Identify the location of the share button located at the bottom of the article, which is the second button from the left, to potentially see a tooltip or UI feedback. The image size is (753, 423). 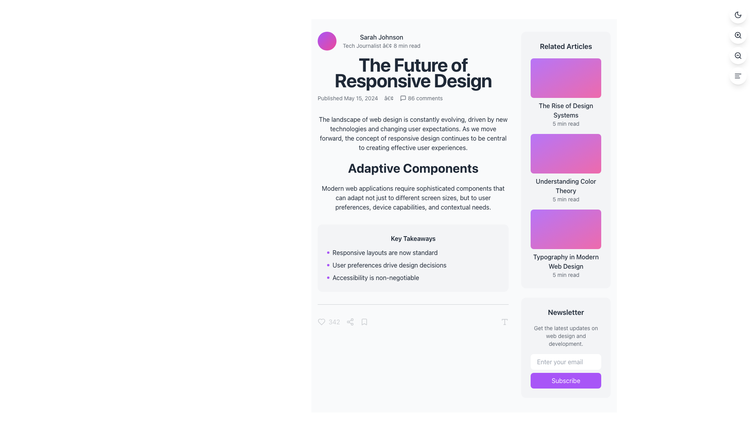
(349, 322).